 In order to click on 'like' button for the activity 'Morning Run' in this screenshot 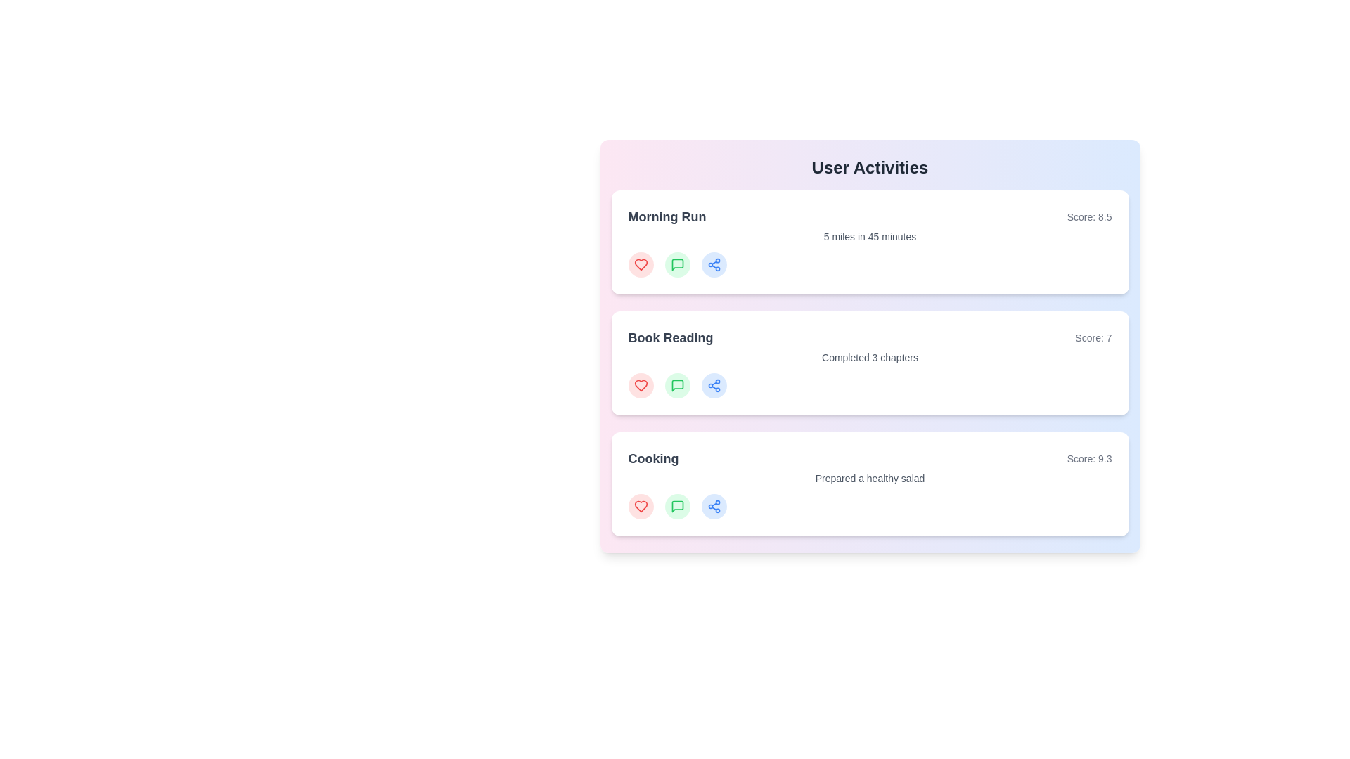, I will do `click(640, 265)`.